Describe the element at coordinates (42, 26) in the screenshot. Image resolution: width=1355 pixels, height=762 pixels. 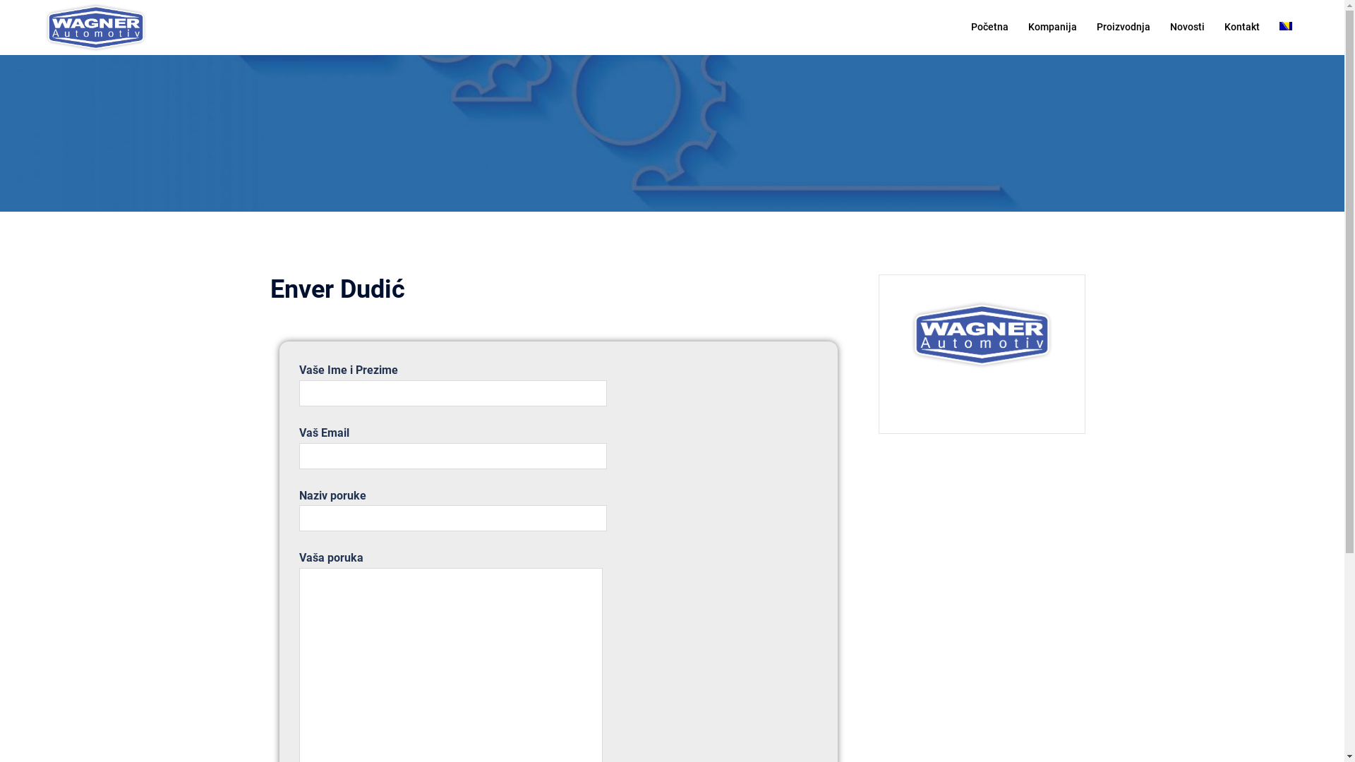
I see `'WAGNER AUTOMOTIV'` at that location.